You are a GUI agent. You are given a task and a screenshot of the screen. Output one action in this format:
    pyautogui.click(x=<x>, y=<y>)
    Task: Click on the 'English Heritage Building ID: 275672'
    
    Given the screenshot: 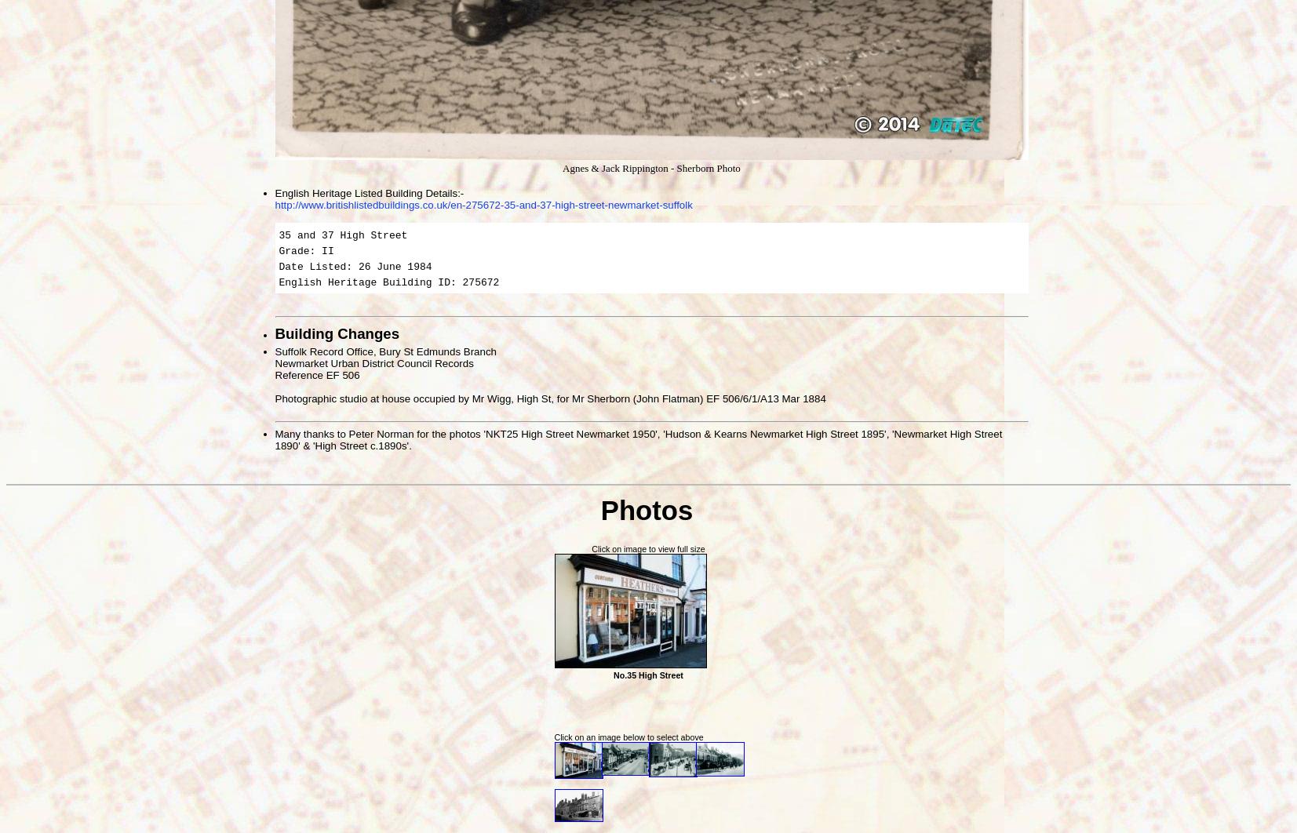 What is the action you would take?
    pyautogui.click(x=388, y=282)
    